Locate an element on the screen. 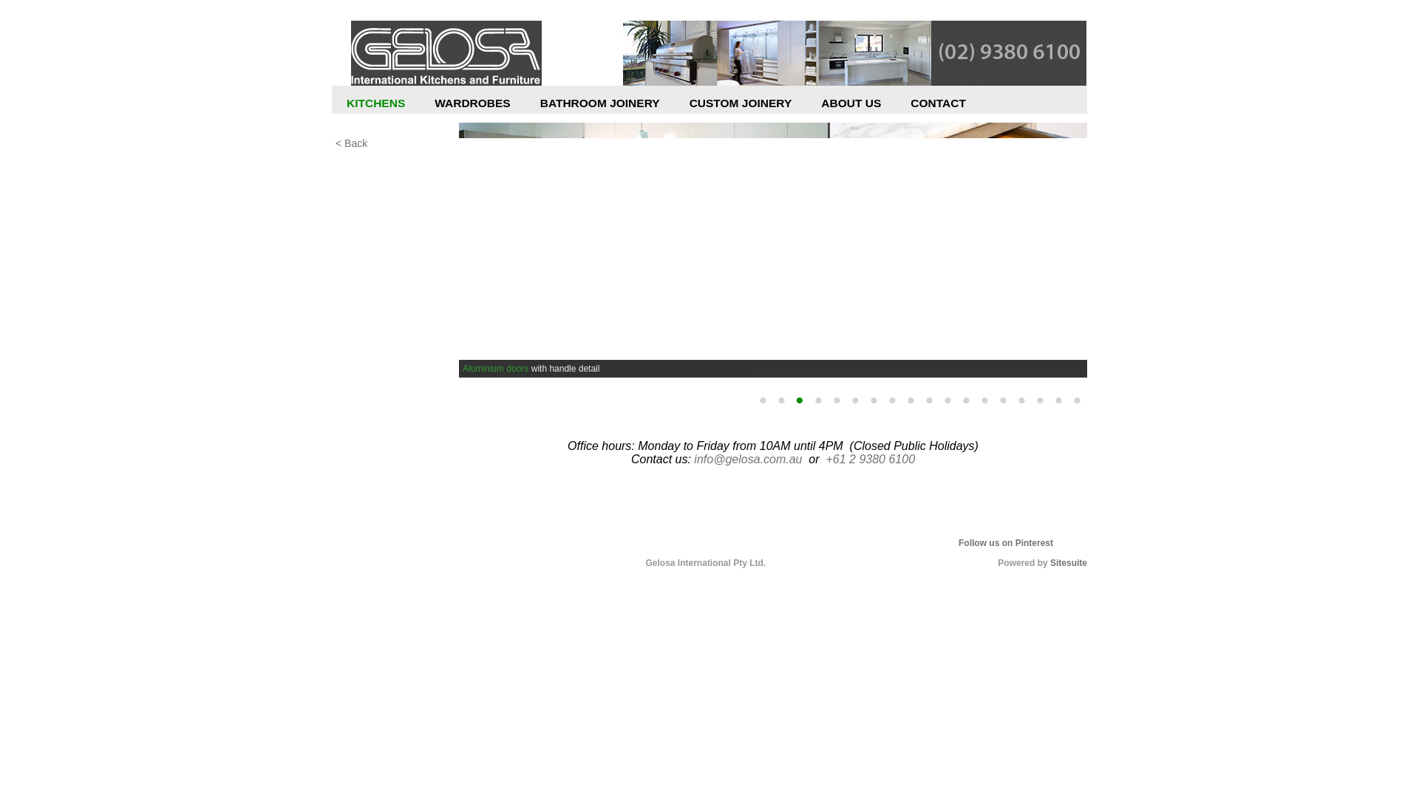  '2' is located at coordinates (772, 400).